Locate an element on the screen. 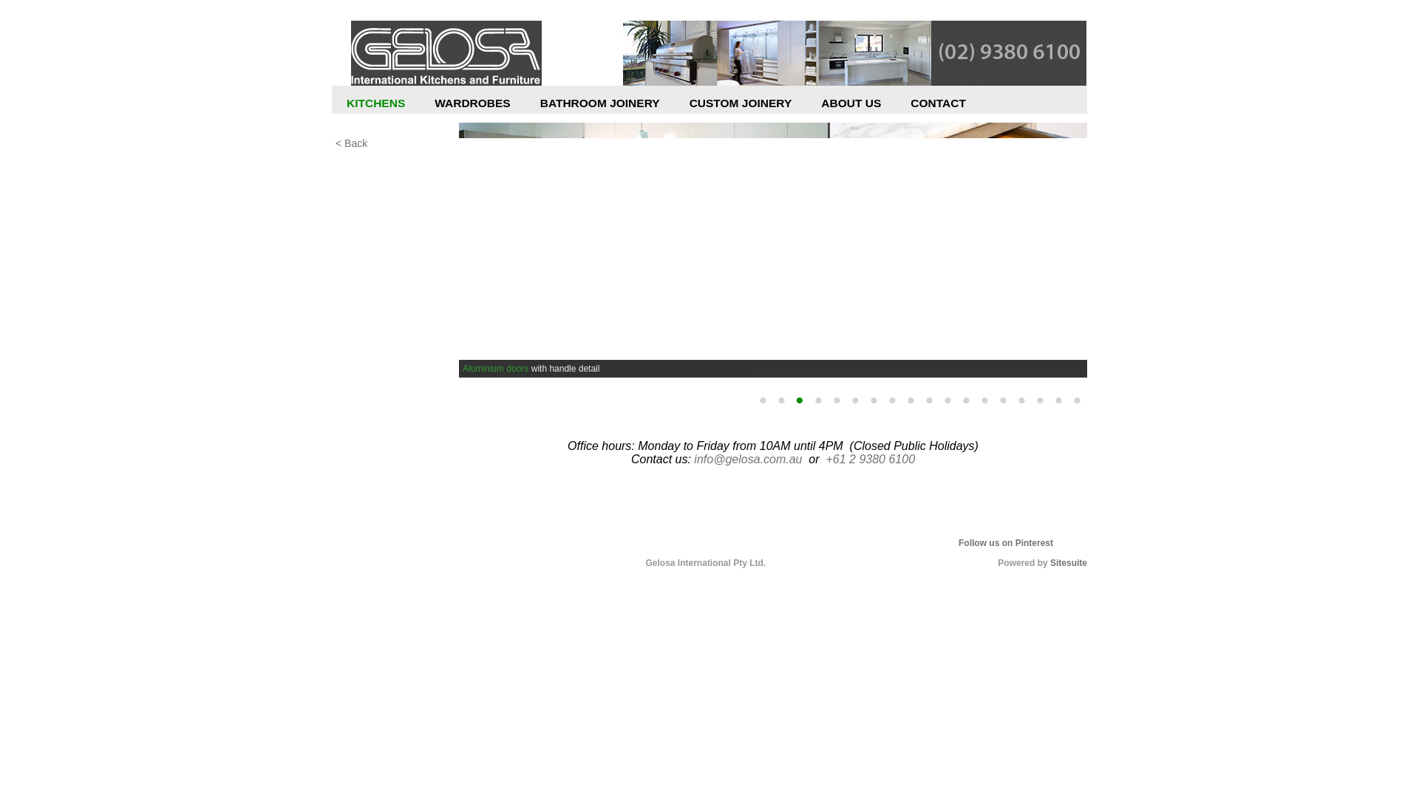  '2' is located at coordinates (772, 400).